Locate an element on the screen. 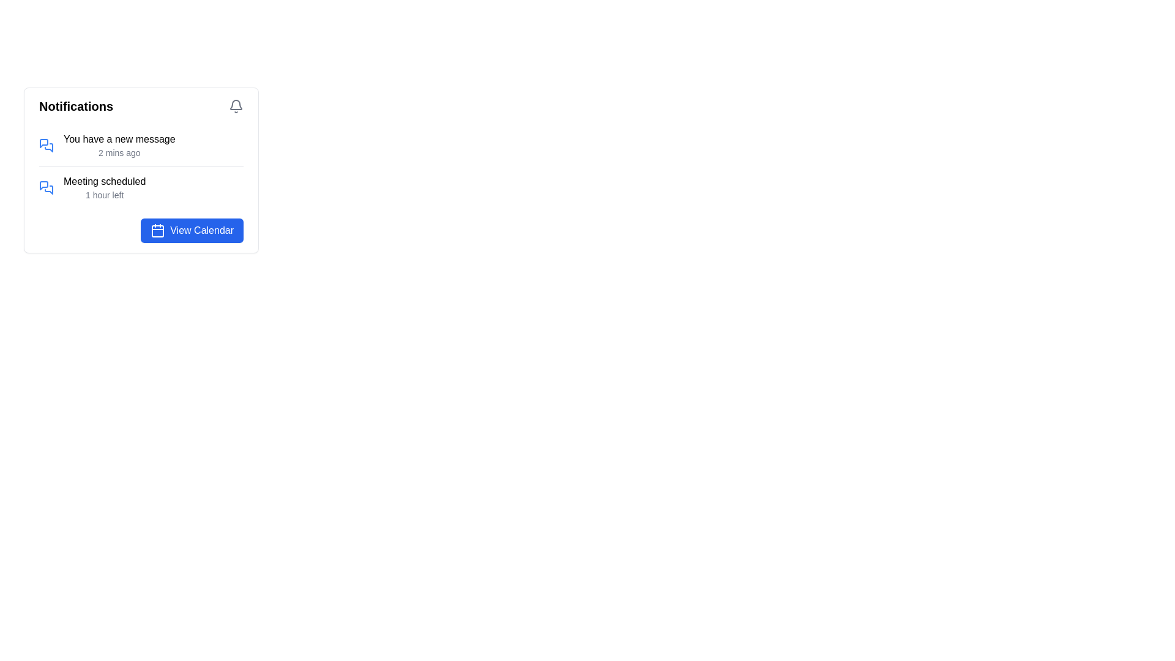  the navigation button located in the bottom-right corner of the white notification panel is located at coordinates (191, 231).